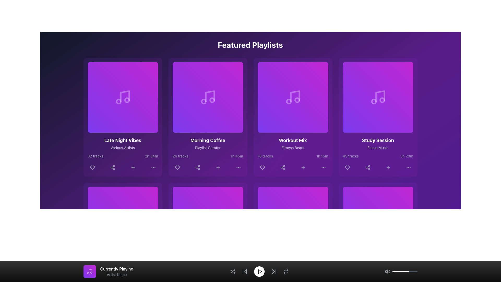  What do you see at coordinates (293, 97) in the screenshot?
I see `the music playlist icon located in the third card from the left in the 'Featured Playlists' section, which is centered in a purple gradient background` at bounding box center [293, 97].